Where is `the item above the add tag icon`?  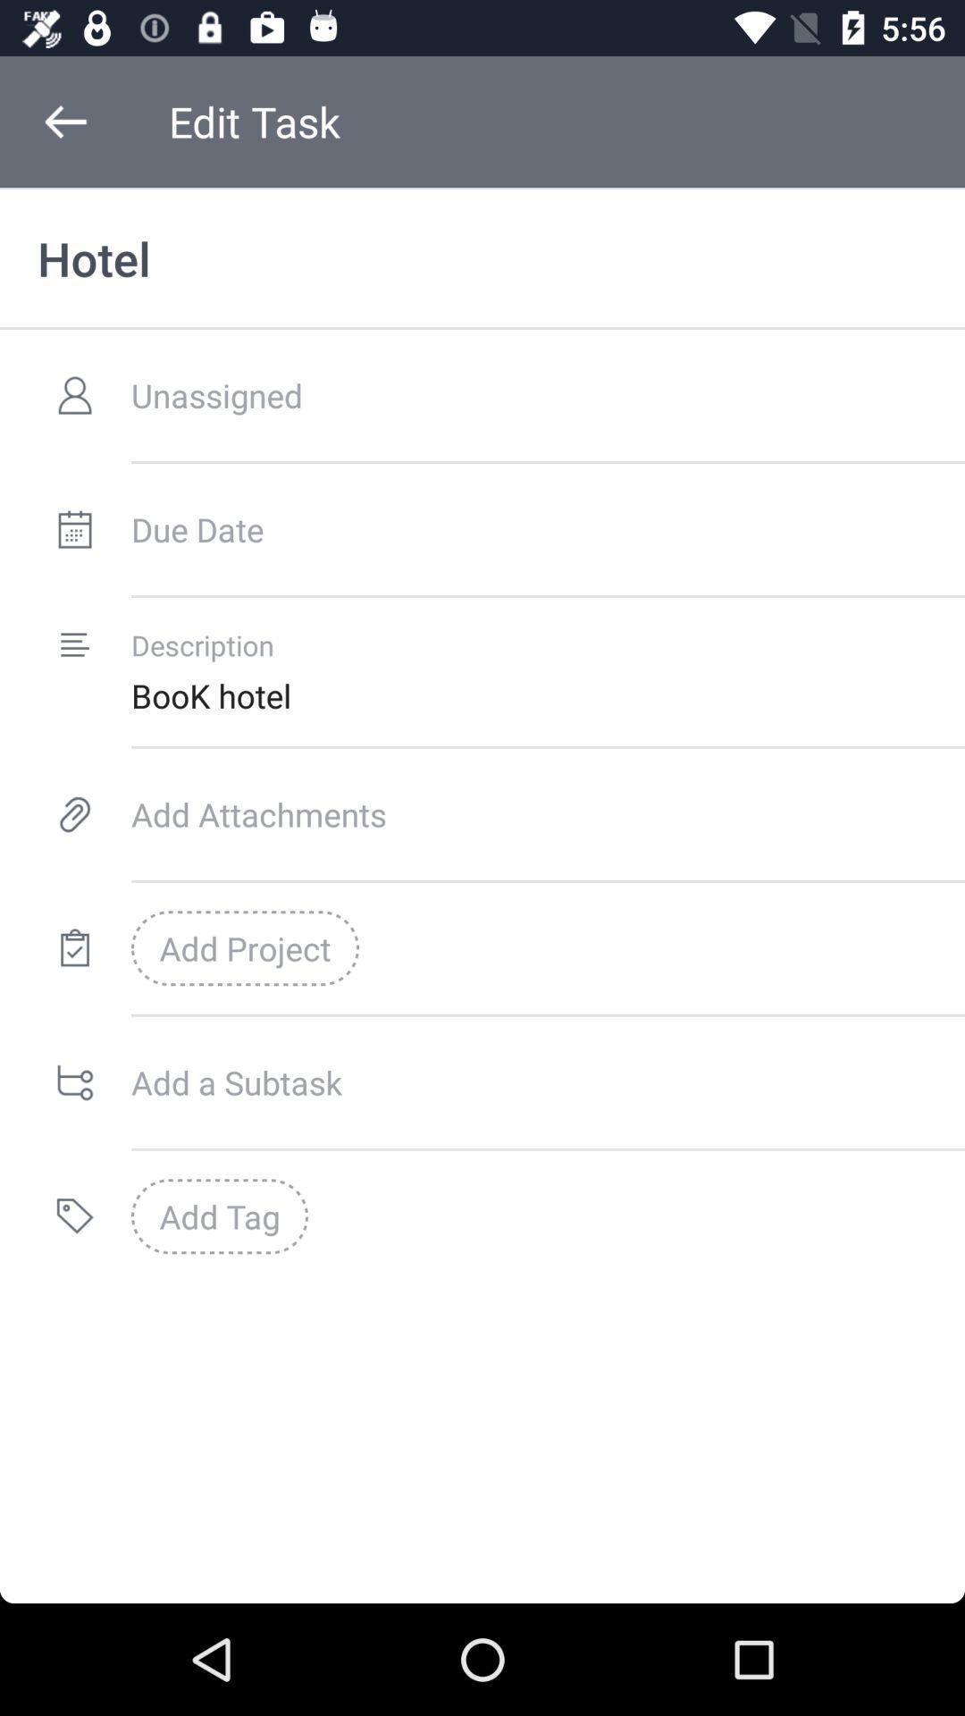 the item above the add tag icon is located at coordinates (547, 1081).